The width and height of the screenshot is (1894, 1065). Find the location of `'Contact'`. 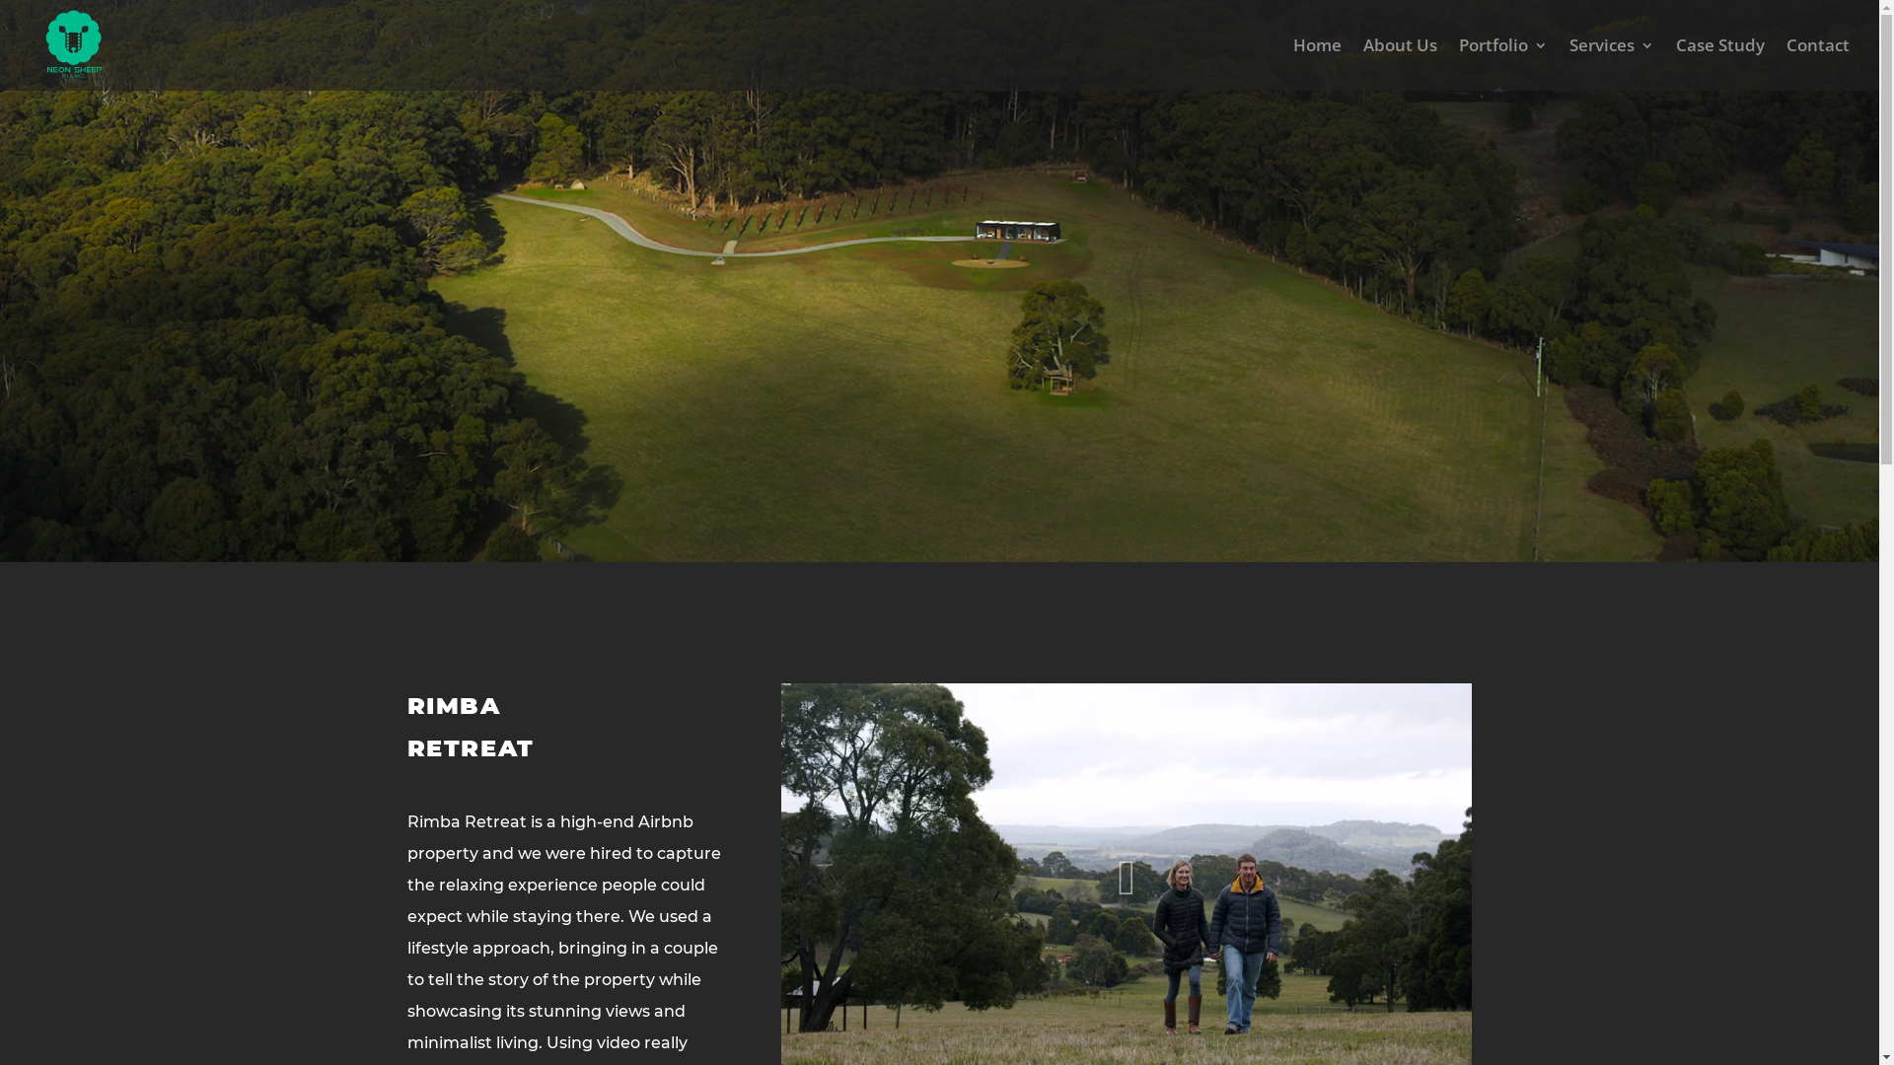

'Contact' is located at coordinates (1817, 63).